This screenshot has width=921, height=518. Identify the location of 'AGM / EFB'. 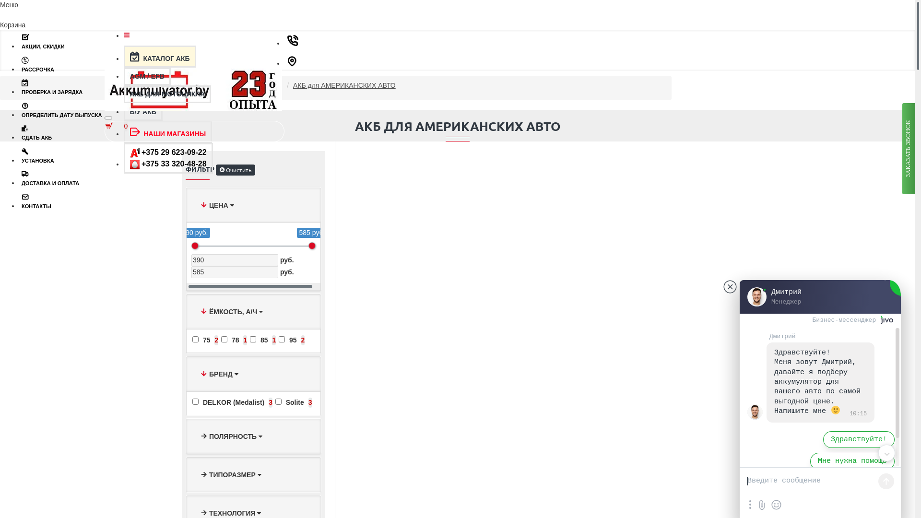
(123, 76).